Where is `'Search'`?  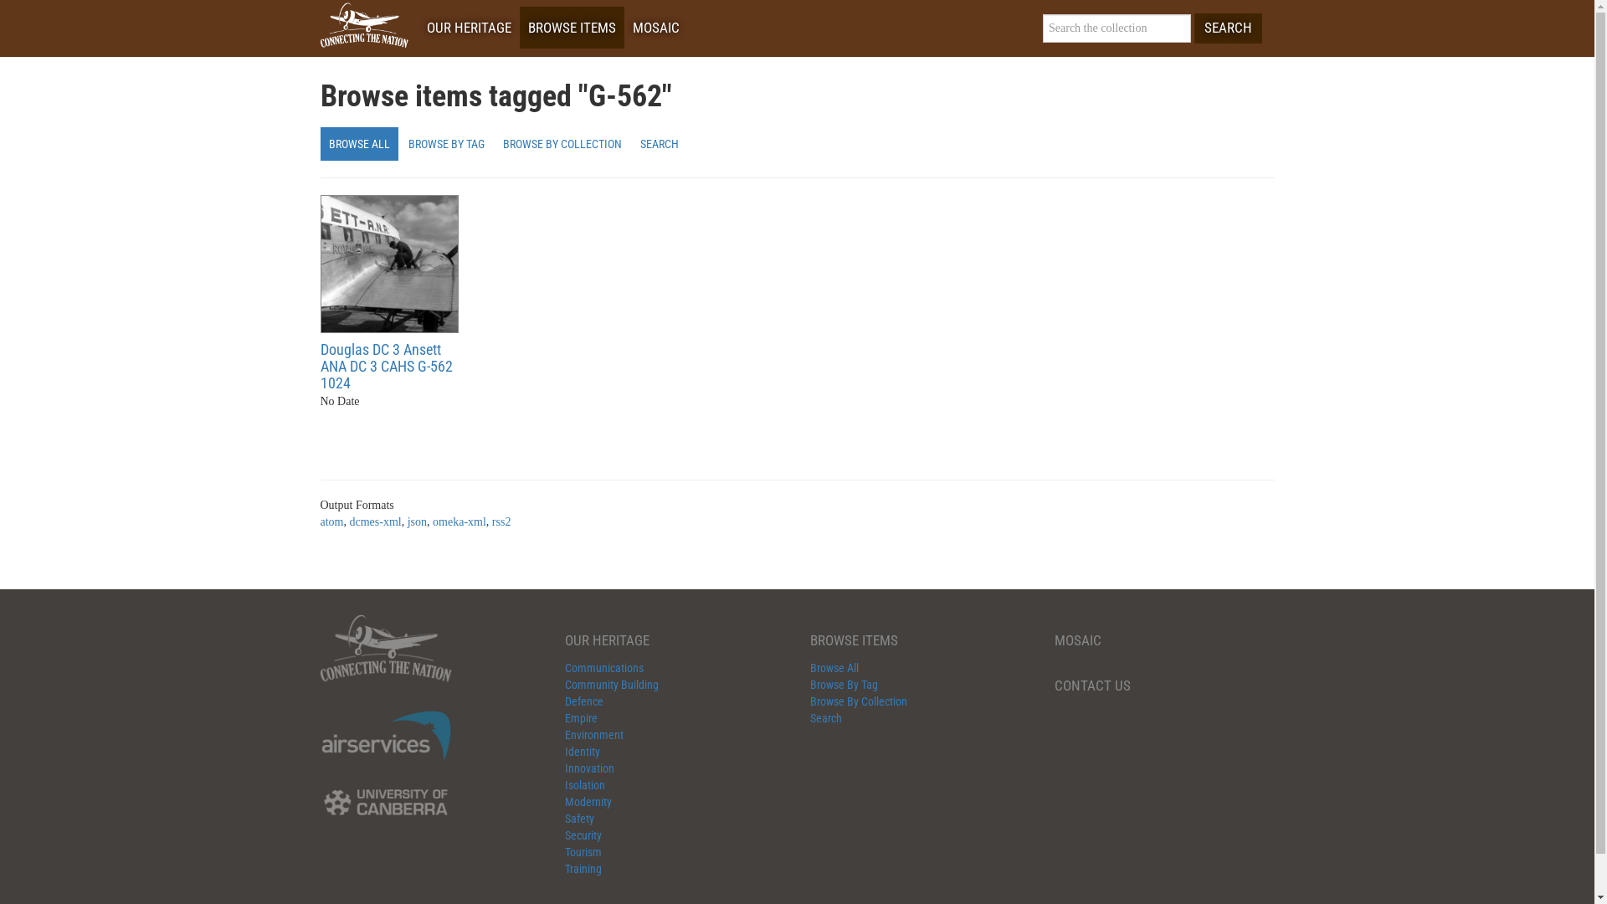
'Search' is located at coordinates (810, 717).